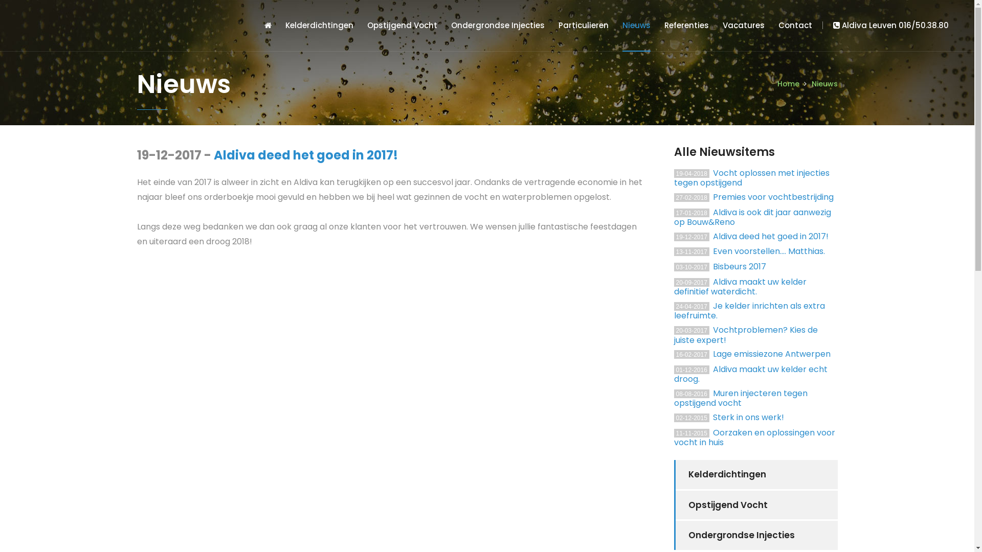  What do you see at coordinates (319, 25) in the screenshot?
I see `'Kelderdichtingen'` at bounding box center [319, 25].